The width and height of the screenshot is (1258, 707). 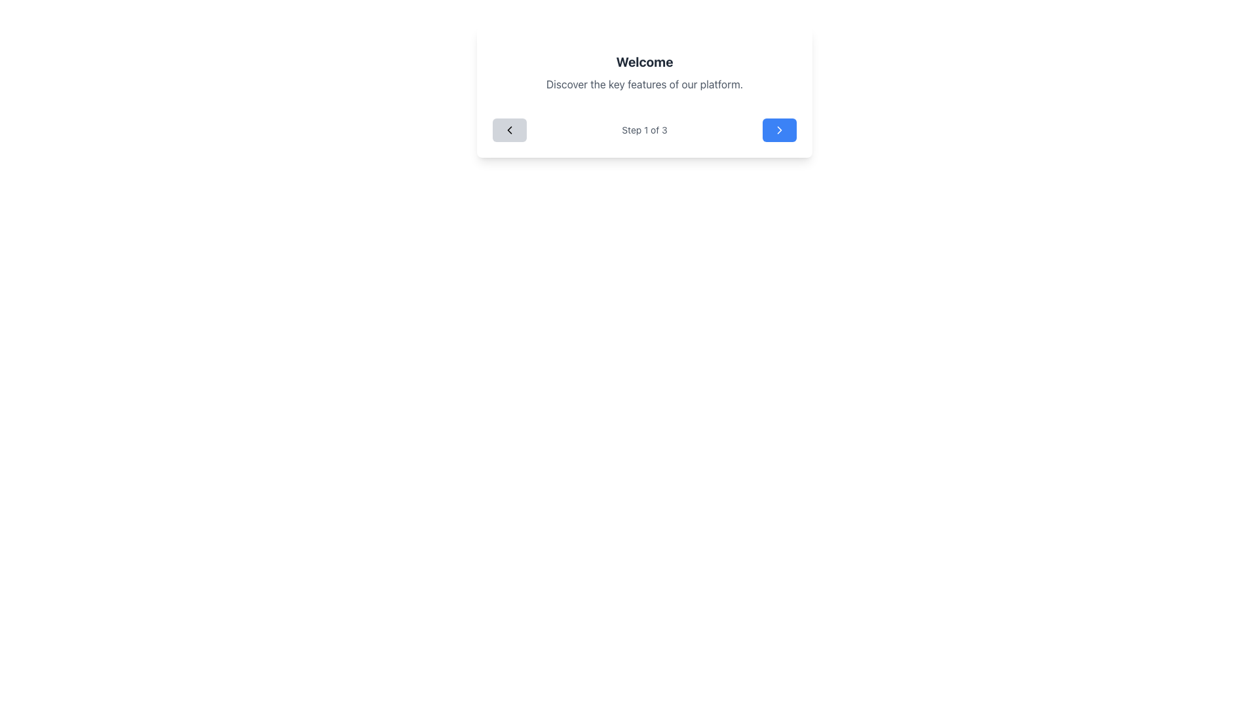 I want to click on the small, light gray button with a black chevron-left icon, so click(x=508, y=130).